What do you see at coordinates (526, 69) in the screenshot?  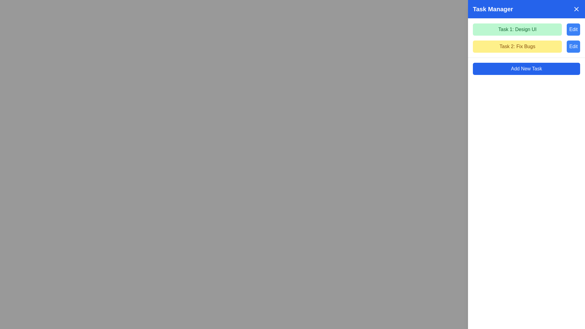 I see `the rectangular button with a blue background and white text that reads 'Add New Task'` at bounding box center [526, 69].